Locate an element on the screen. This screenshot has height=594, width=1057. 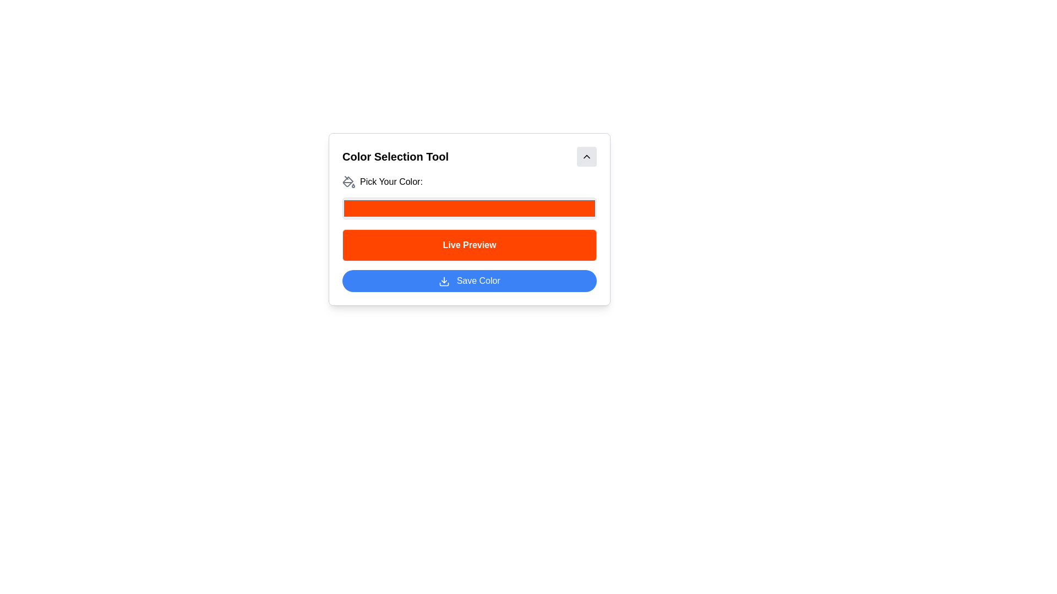
the color preview button located below the orange color input field and above the 'Save Color' button is located at coordinates (470, 245).